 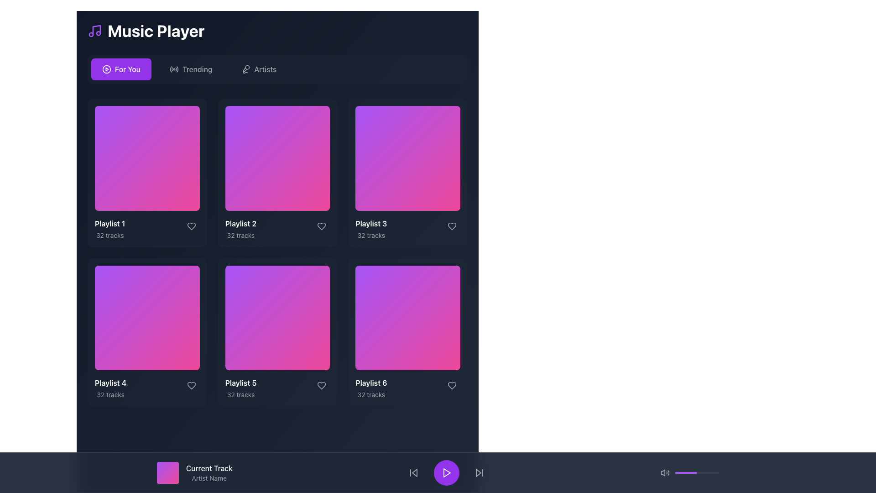 I want to click on the text label that provides information about the number of tracks in the 'Playlist 3' card, located beneath its title in the second row, middle column of a 3x2 grid layout, so click(x=371, y=235).